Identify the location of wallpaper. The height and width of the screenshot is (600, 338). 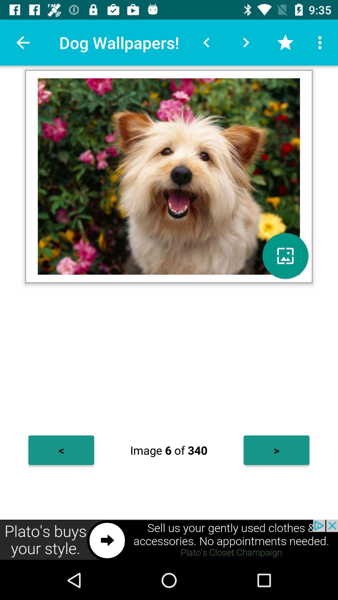
(285, 256).